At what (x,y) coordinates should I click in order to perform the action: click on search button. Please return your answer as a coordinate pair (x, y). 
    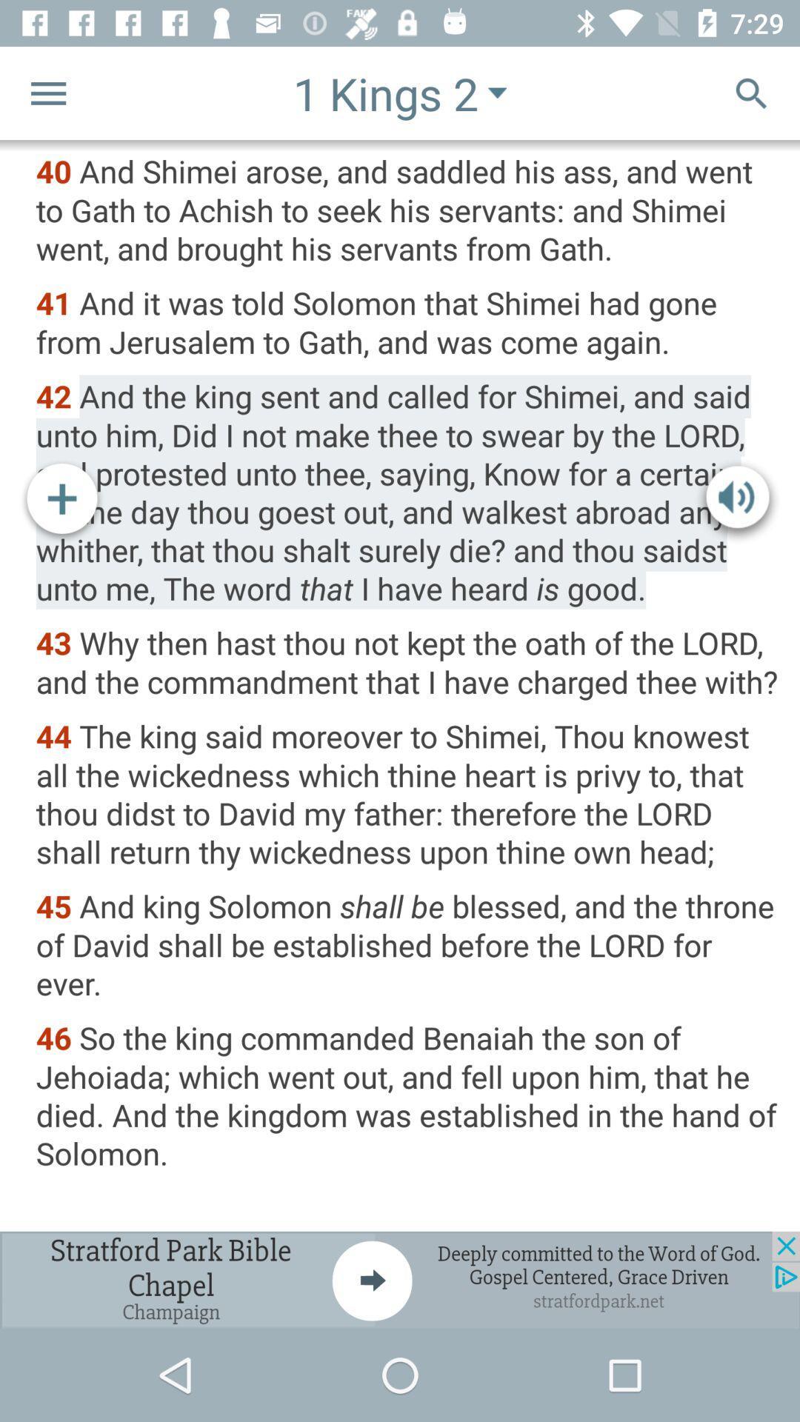
    Looking at the image, I should click on (751, 92).